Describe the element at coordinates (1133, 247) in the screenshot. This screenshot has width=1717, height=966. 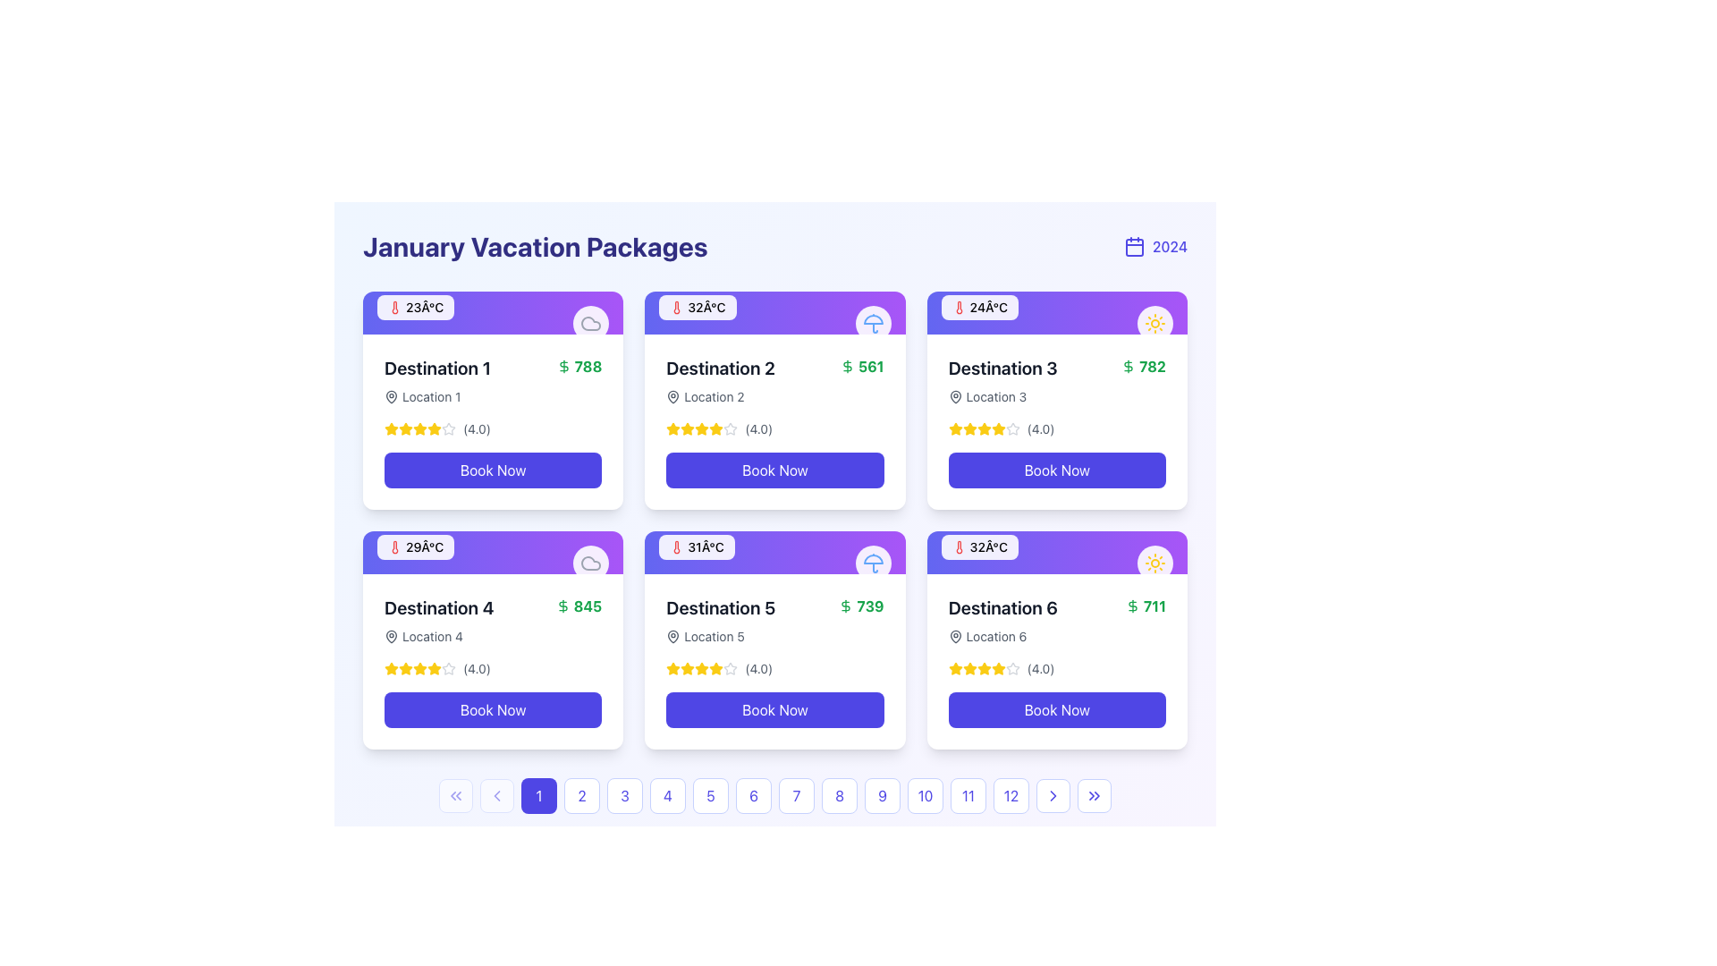
I see `the icon located in the top-right corner of the interface, adjacent to the text '2024'` at that location.